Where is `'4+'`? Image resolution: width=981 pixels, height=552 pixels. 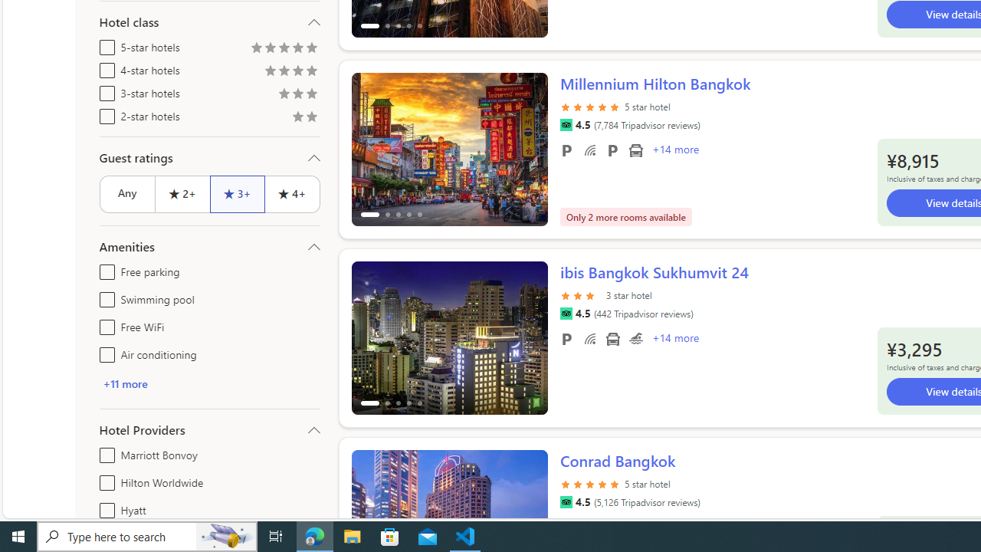
'4+' is located at coordinates (293, 193).